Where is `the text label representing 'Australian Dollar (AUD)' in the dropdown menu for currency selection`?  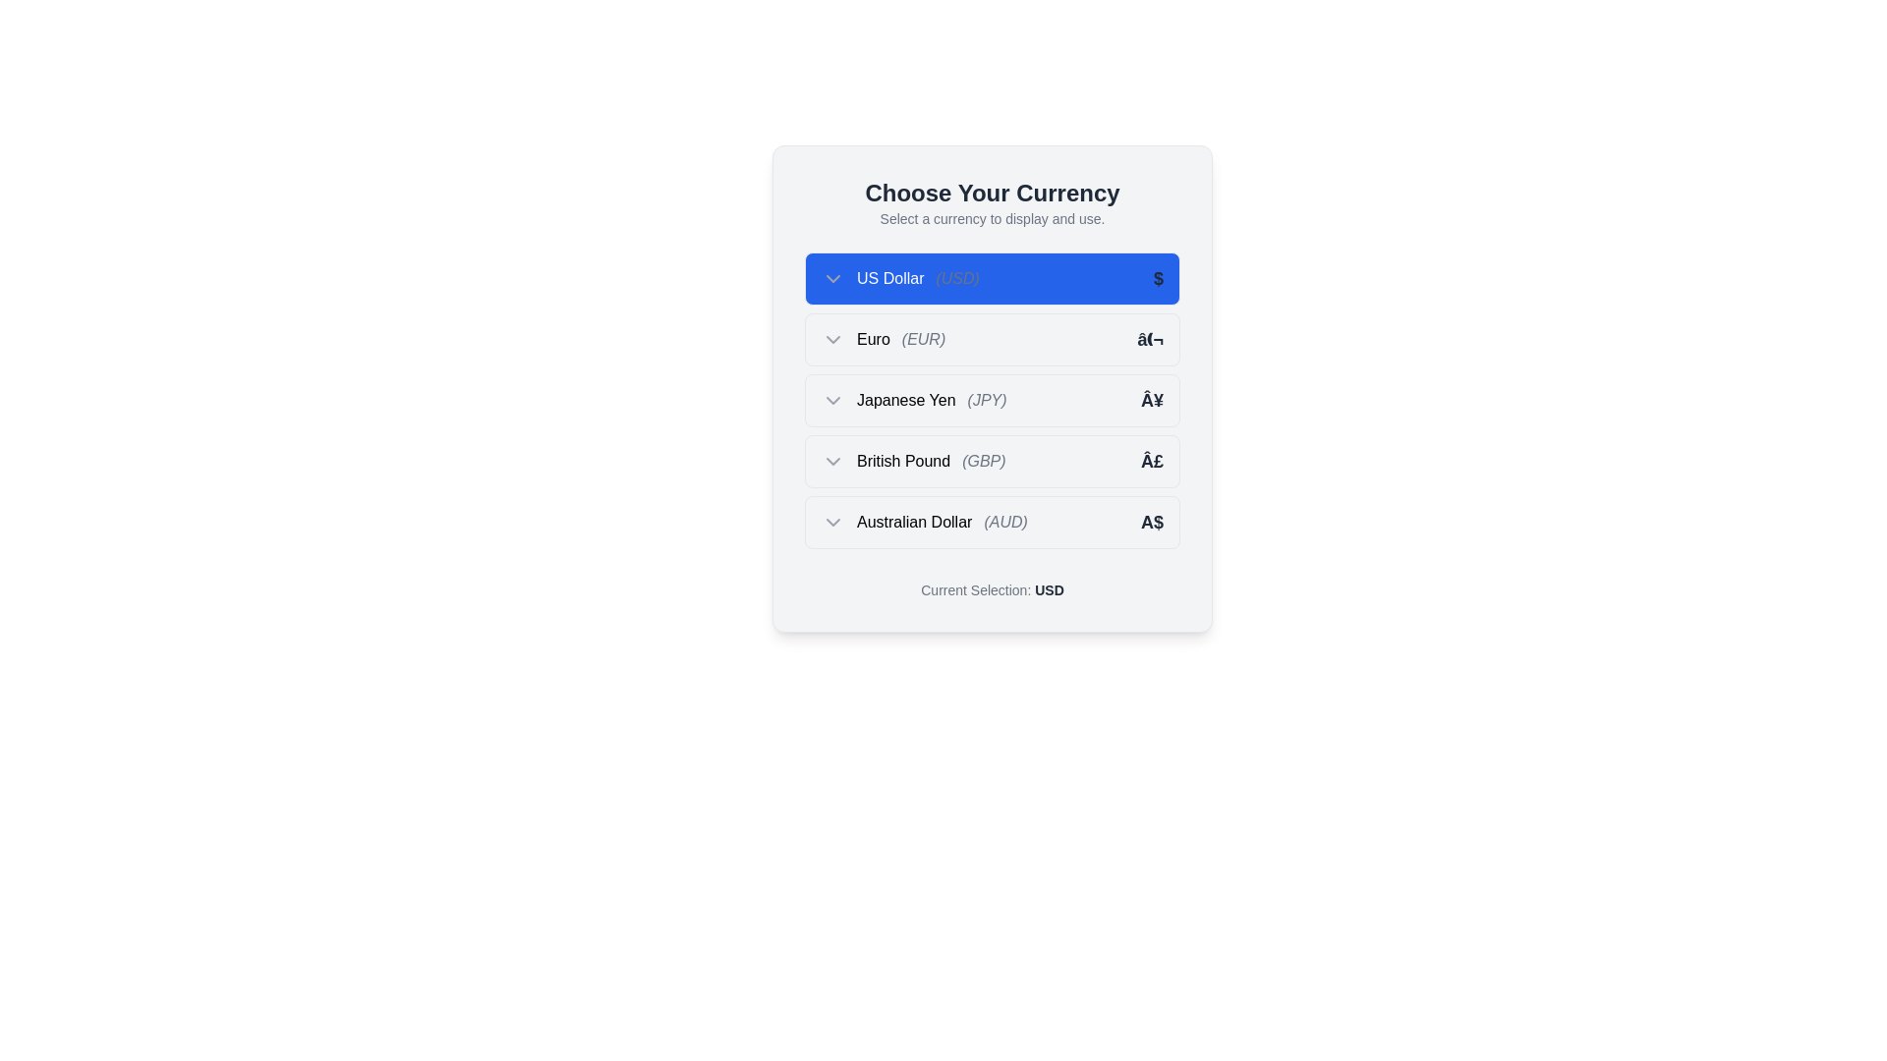 the text label representing 'Australian Dollar (AUD)' in the dropdown menu for currency selection is located at coordinates (913, 522).